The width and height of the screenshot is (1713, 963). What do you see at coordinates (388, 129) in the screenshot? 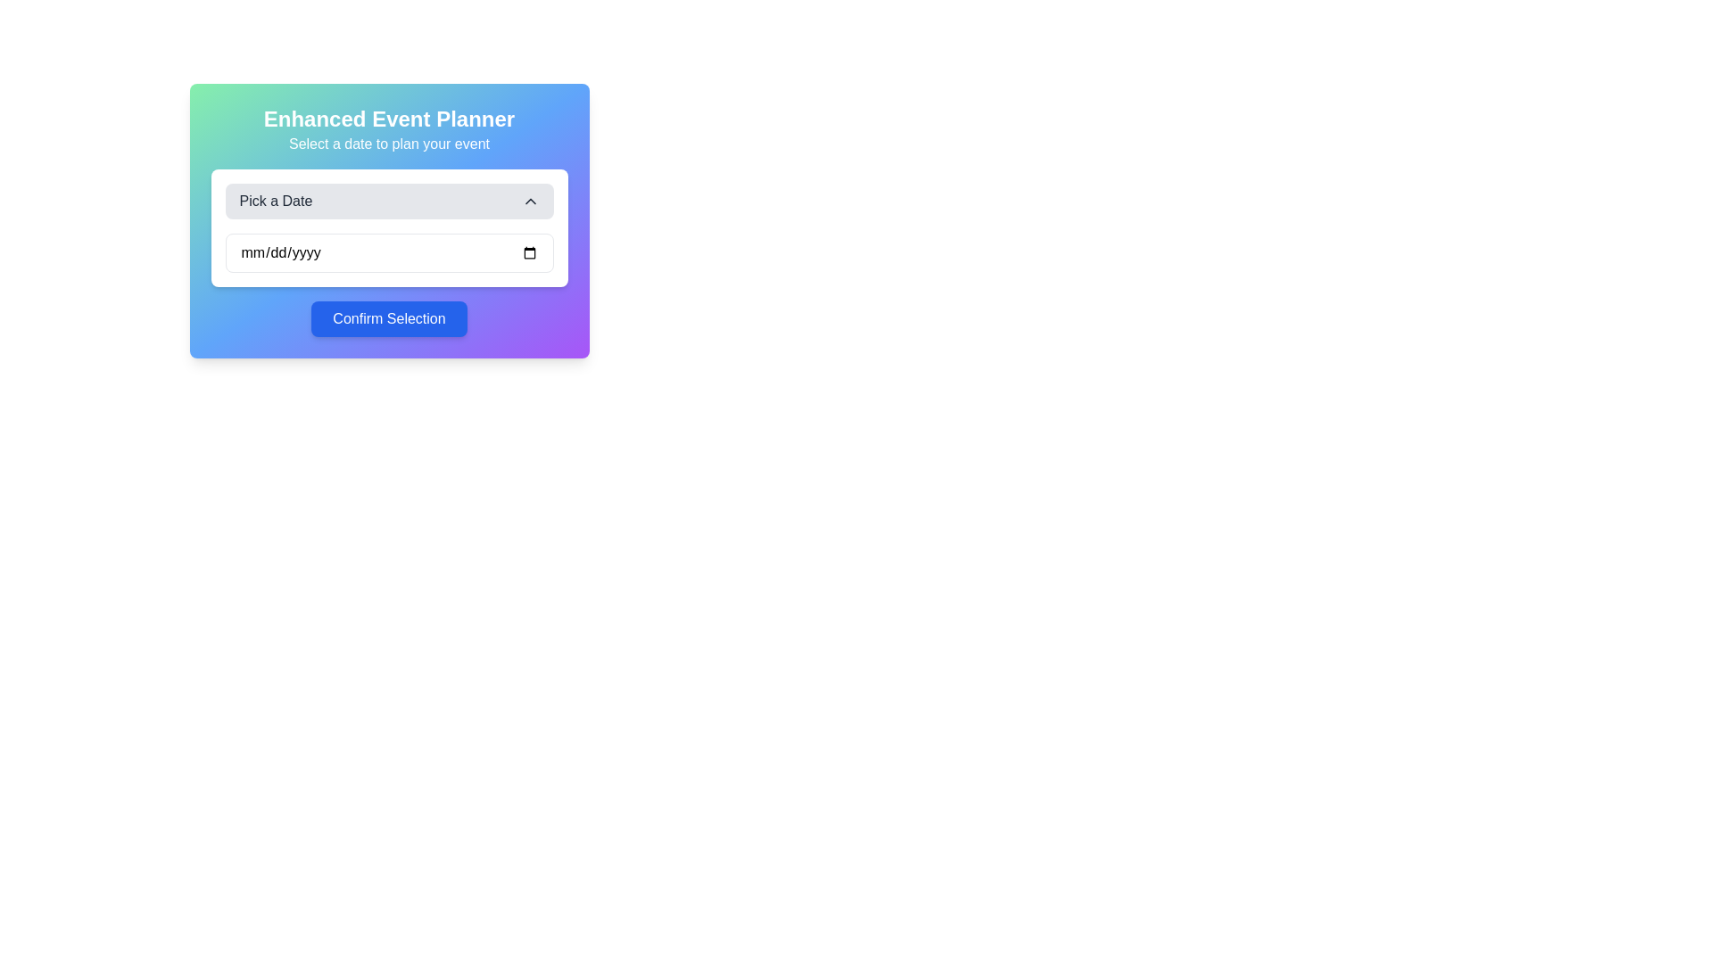
I see `the text-based header with a subheading that introduces the event planning functionality, located at the top section of the card, above 'Pick a Date' and 'Confirm Selection' button` at bounding box center [388, 129].